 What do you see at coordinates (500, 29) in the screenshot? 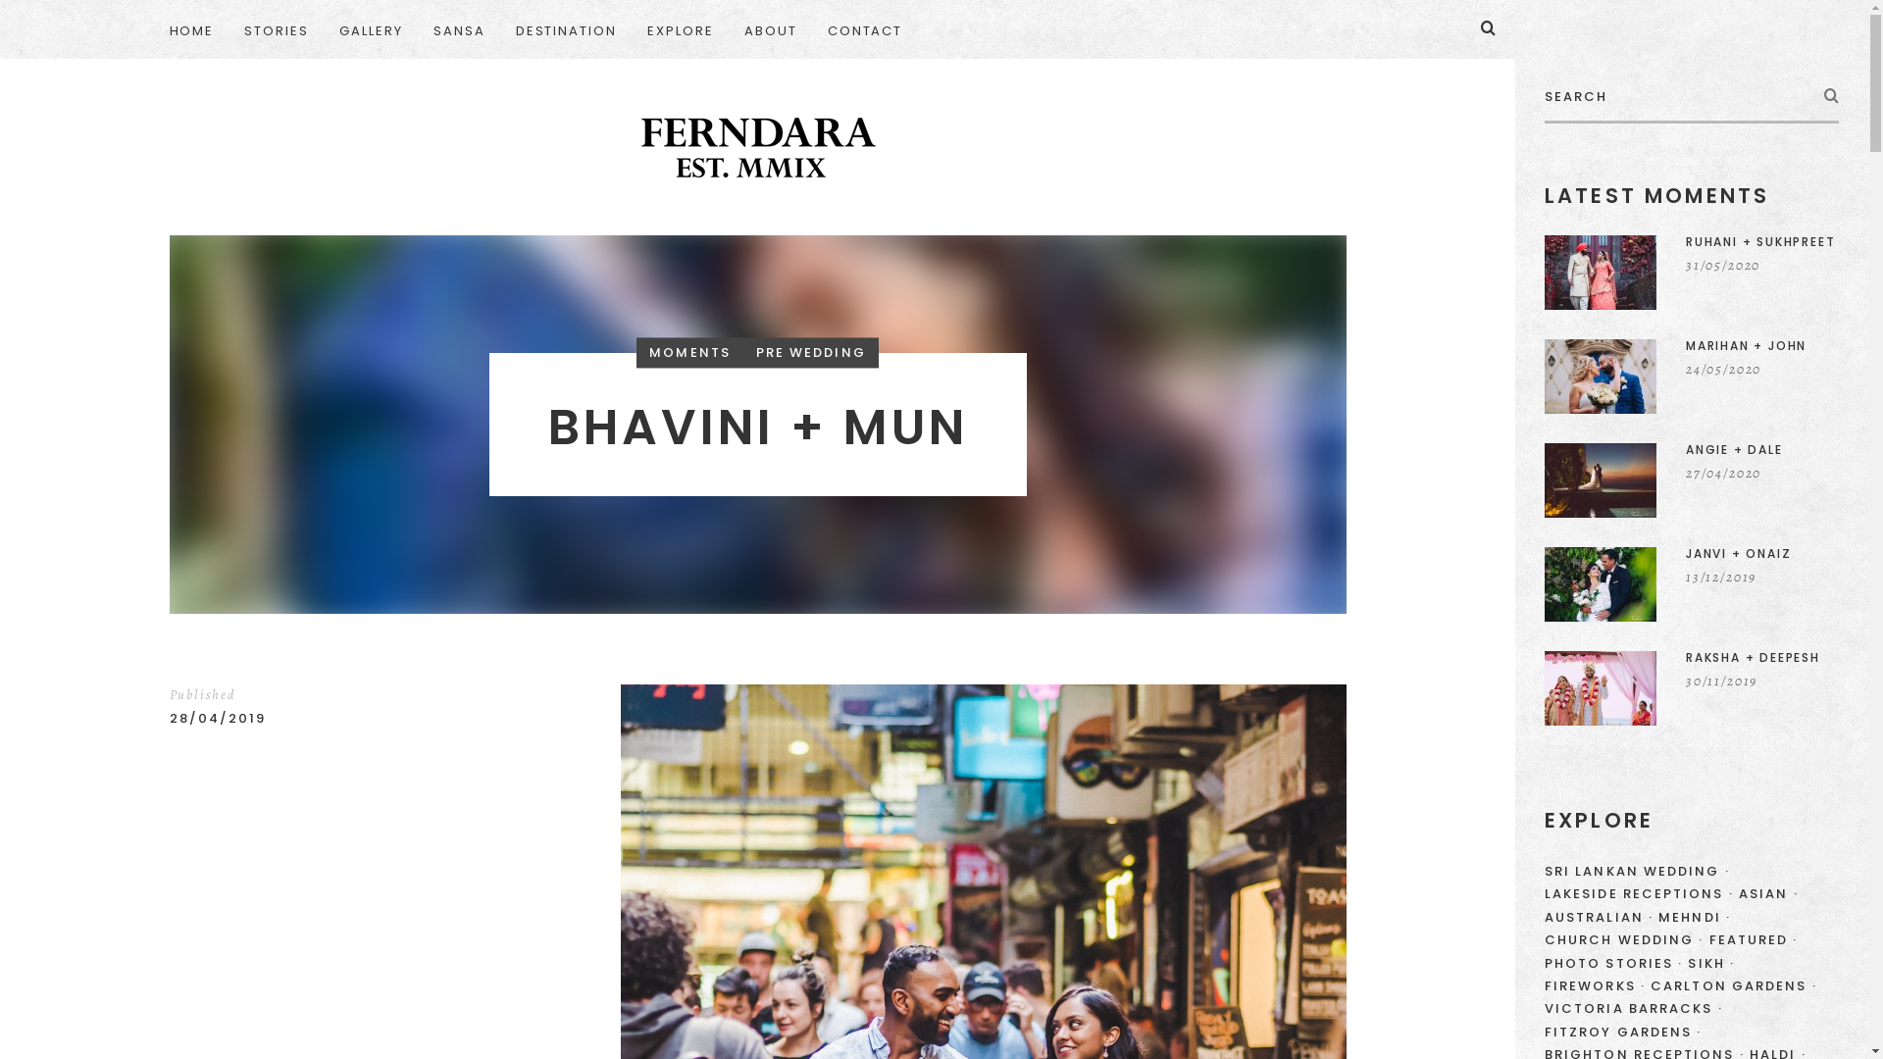
I see `'DESTINATION'` at bounding box center [500, 29].